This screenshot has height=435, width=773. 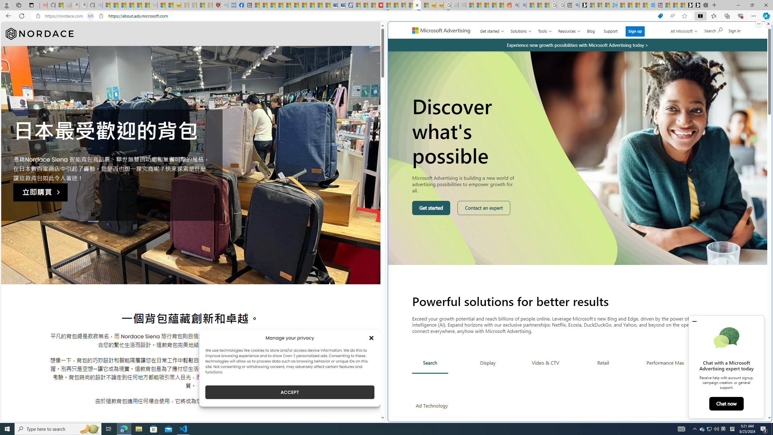 What do you see at coordinates (610, 29) in the screenshot?
I see `'Support'` at bounding box center [610, 29].